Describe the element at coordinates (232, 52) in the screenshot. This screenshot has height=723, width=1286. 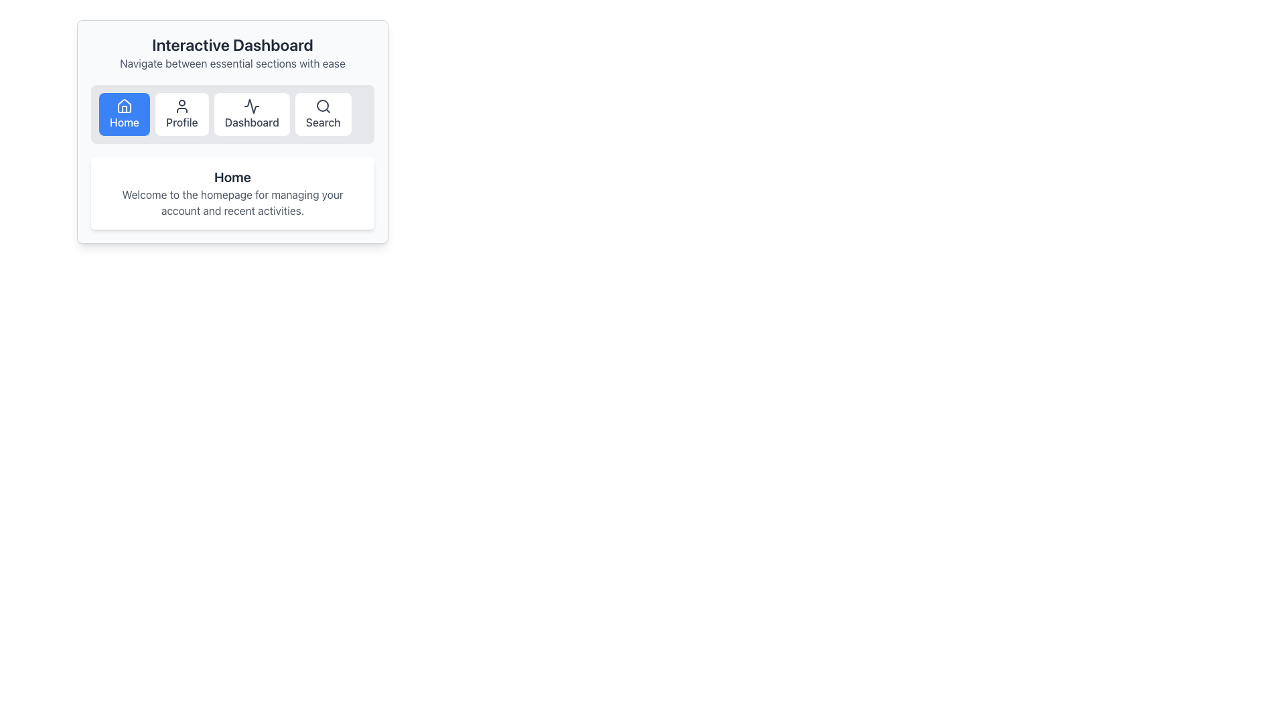
I see `the header text block located at the top of the card, which provides an introduction or context to the card's content` at that location.